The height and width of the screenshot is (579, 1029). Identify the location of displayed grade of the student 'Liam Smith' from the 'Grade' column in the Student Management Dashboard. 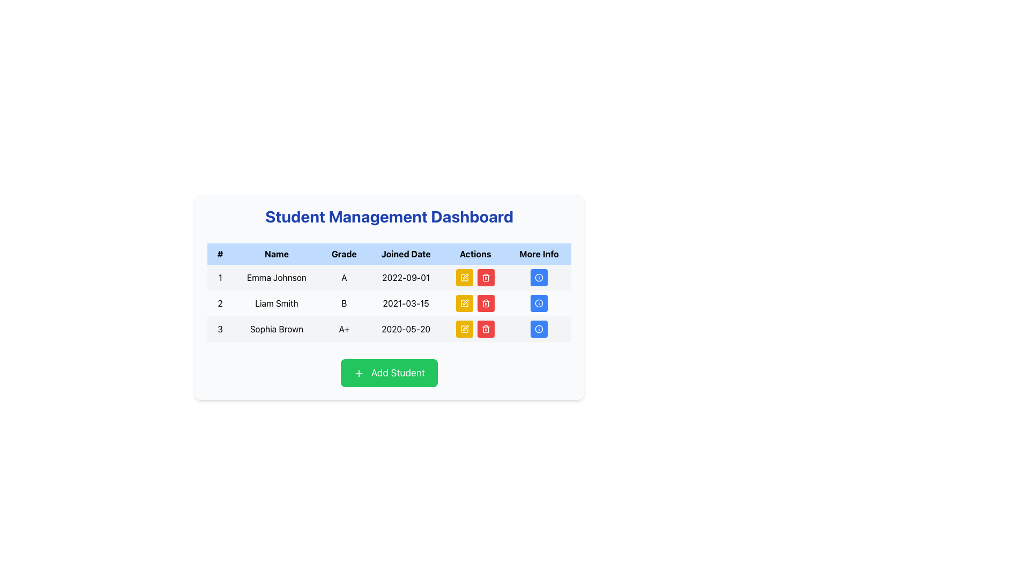
(344, 303).